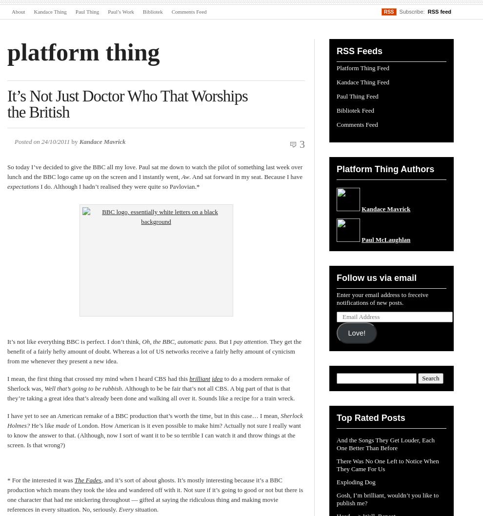  Describe the element at coordinates (7, 171) in the screenshot. I see `'So today I’ve decided to give the BBC all my love. Paul sat me down to watch the pilot of something last week over lunch and the BBC logo came up on the screen and I instantly went,'` at that location.